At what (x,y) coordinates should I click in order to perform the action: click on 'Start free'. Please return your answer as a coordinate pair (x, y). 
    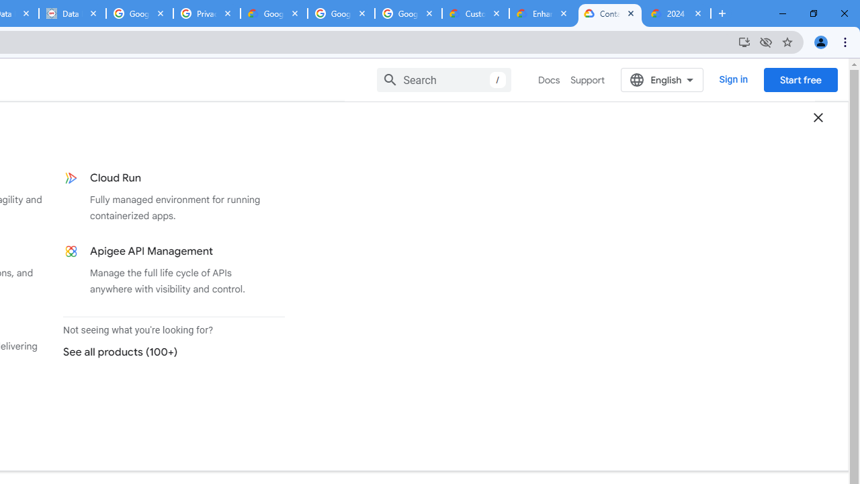
    Looking at the image, I should click on (800, 79).